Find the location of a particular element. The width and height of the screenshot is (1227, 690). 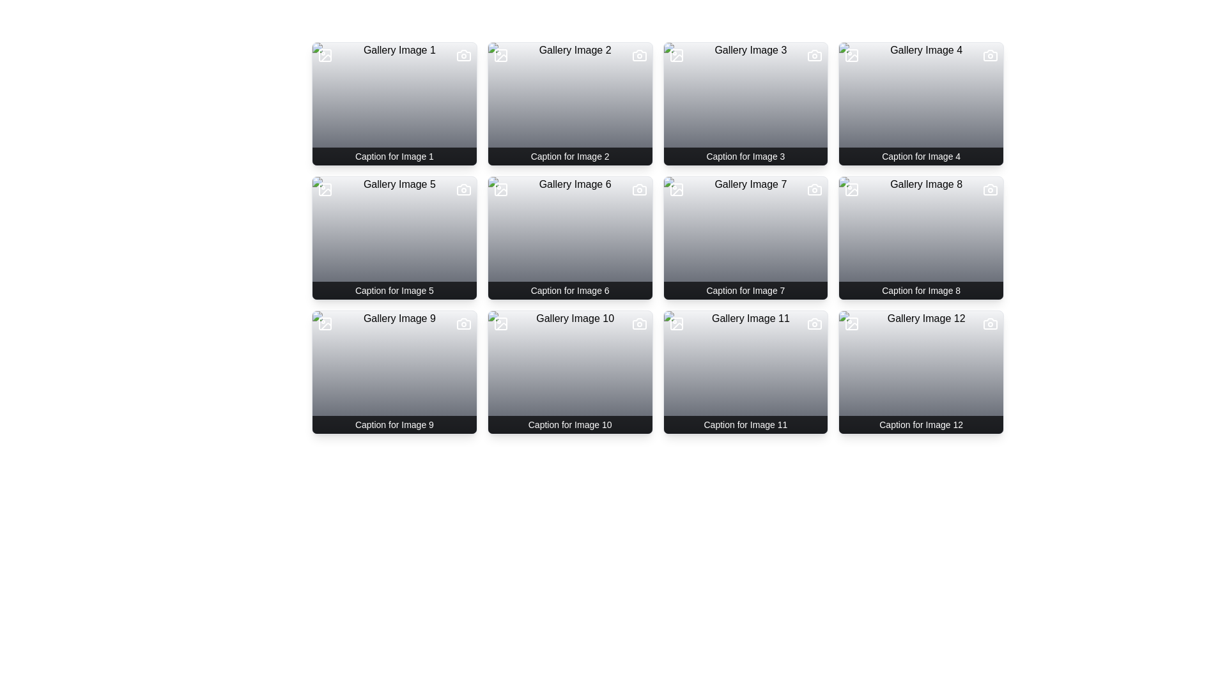

the small grayscale image icon located at the top-left corner of the card labeled 'Caption for Image 6', which is in the second row, second column of the grid layout is located at coordinates (500, 190).